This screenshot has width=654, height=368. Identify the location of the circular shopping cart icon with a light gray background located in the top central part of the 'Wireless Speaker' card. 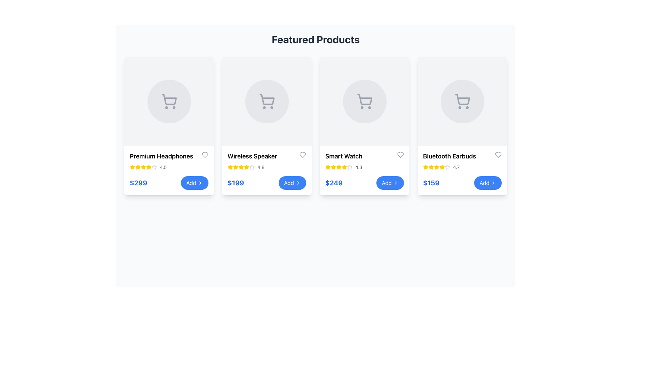
(266, 101).